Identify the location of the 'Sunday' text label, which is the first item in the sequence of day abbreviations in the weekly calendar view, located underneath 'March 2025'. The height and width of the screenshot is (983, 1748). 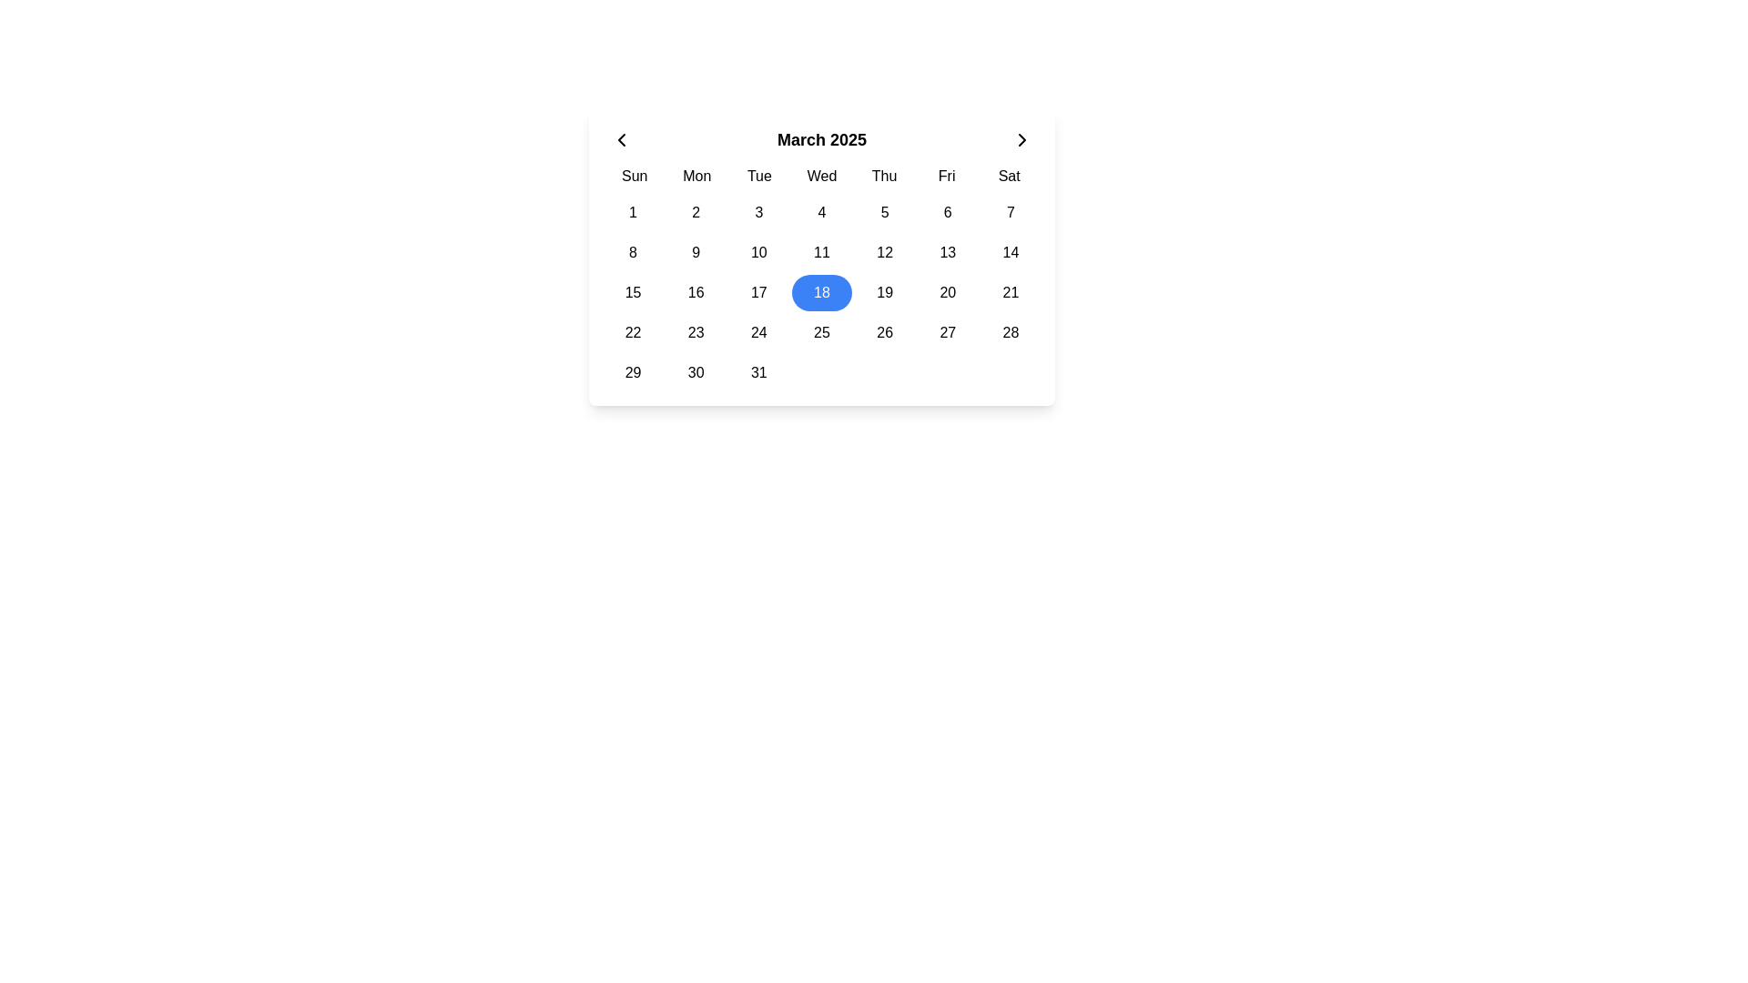
(635, 176).